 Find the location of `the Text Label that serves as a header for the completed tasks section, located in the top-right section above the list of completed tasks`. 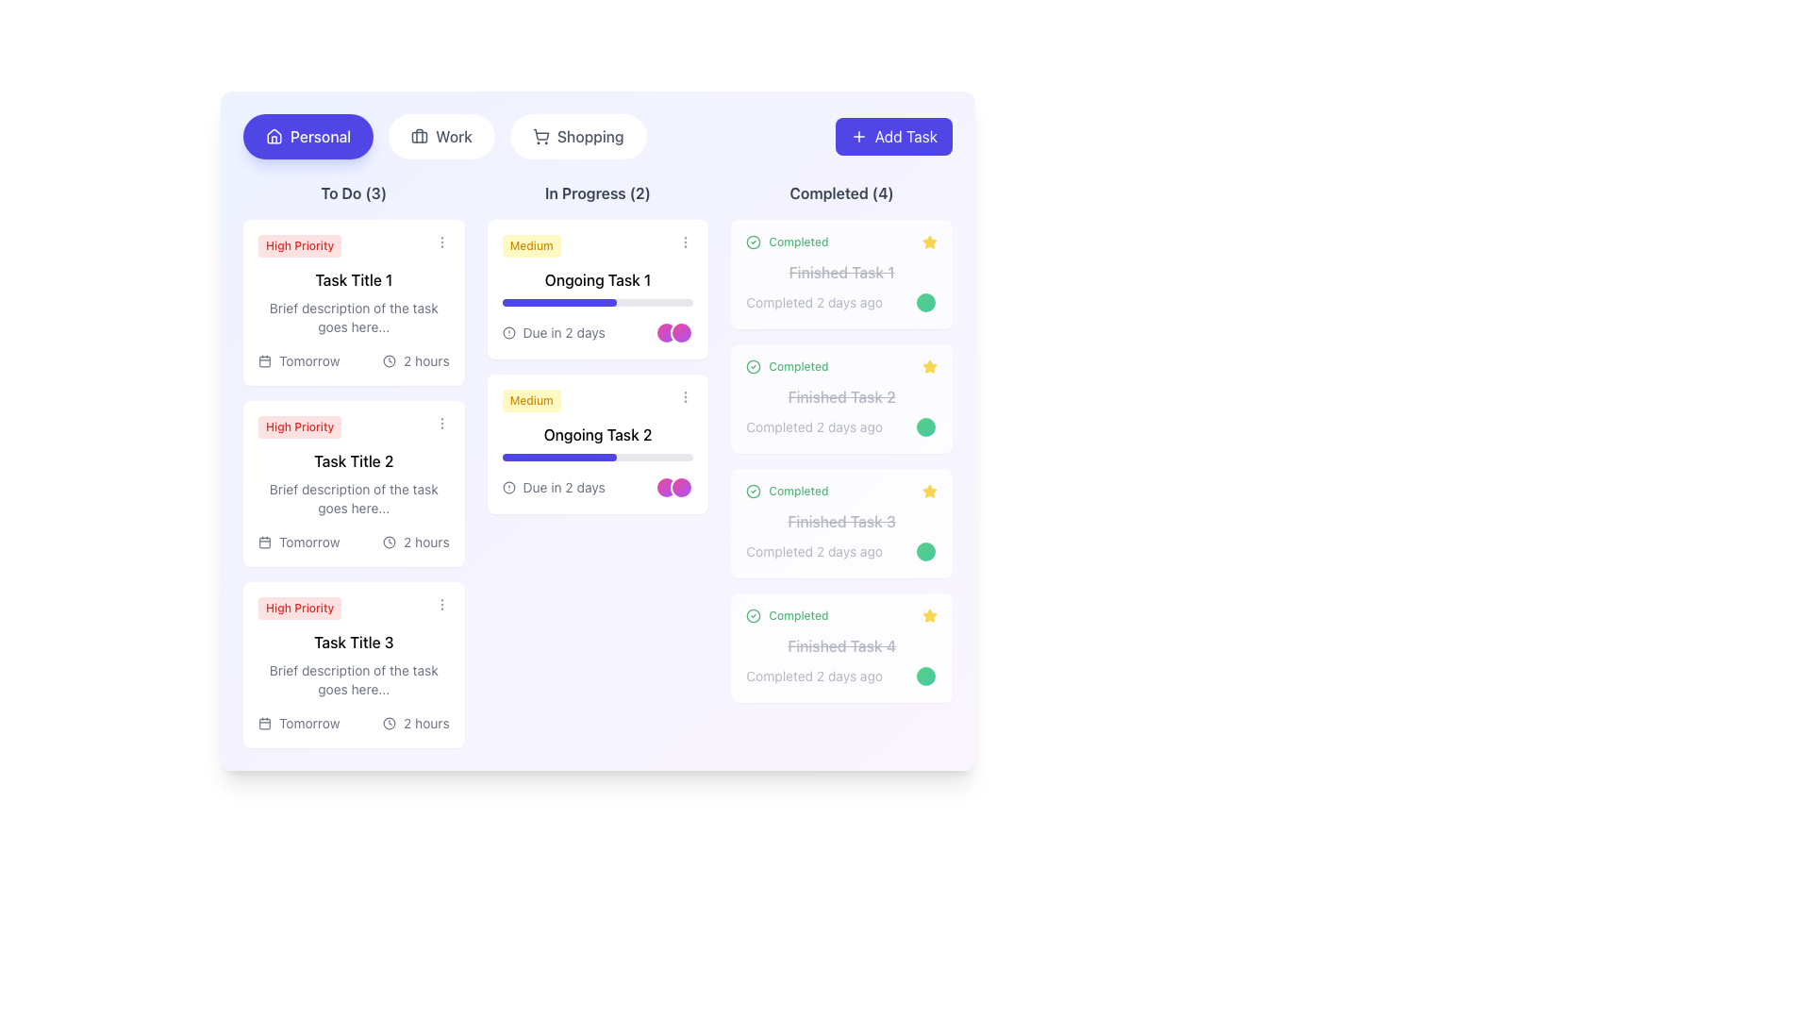

the Text Label that serves as a header for the completed tasks section, located in the top-right section above the list of completed tasks is located at coordinates (840, 192).